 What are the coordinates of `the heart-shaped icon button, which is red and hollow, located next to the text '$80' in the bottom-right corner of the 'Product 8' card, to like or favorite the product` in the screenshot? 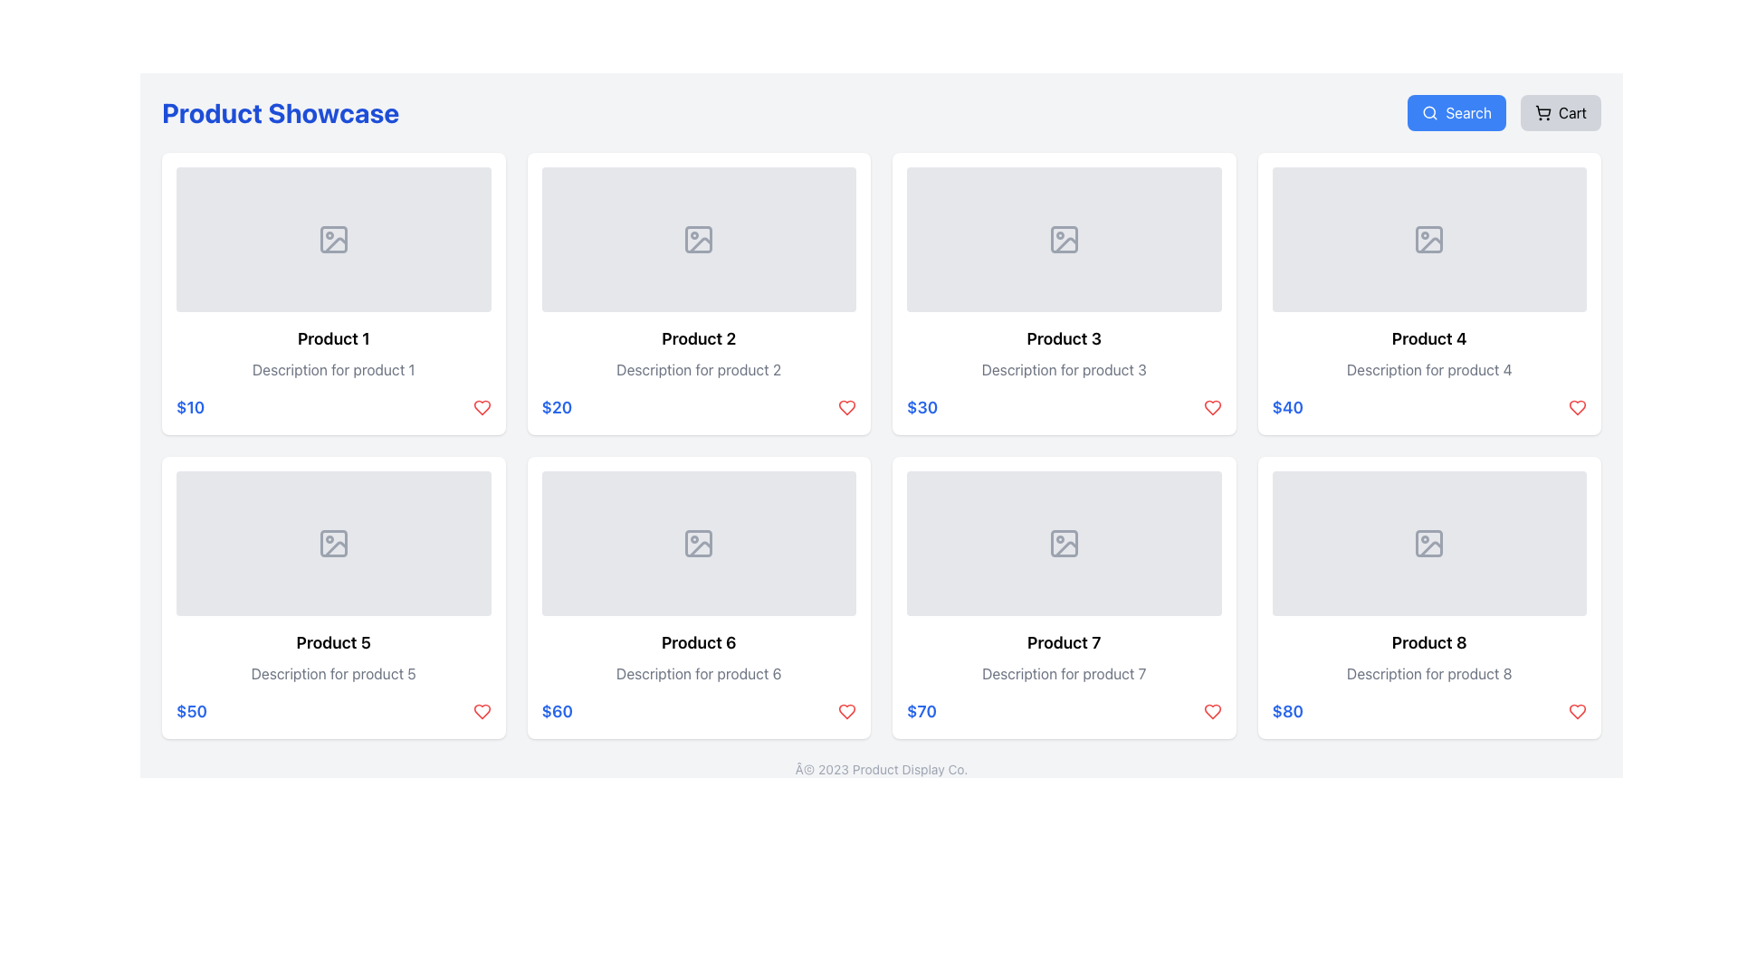 It's located at (1576, 710).